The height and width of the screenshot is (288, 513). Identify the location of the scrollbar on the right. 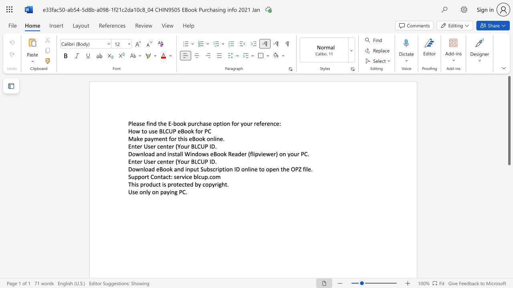
(509, 175).